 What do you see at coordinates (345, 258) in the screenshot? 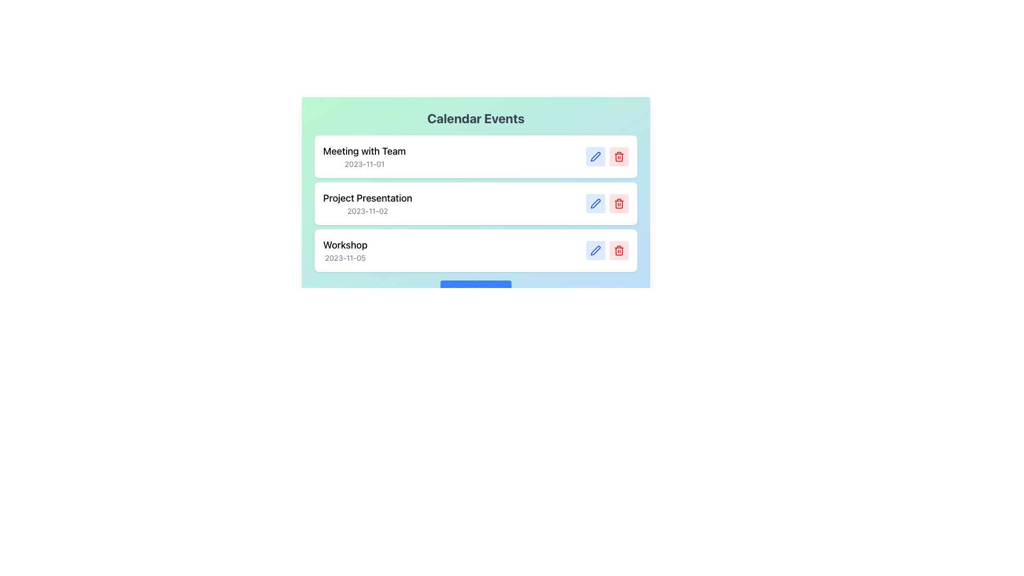
I see `date displayed in the text label directly beneath the bold title 'Workshop' in the calendar event list` at bounding box center [345, 258].